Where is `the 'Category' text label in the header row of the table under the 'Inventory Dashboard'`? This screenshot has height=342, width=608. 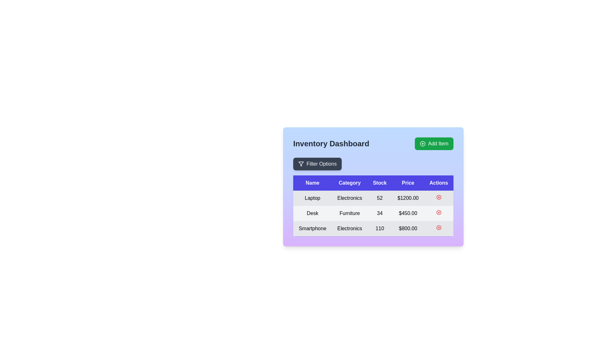
the 'Category' text label in the header row of the table under the 'Inventory Dashboard' is located at coordinates (349, 183).